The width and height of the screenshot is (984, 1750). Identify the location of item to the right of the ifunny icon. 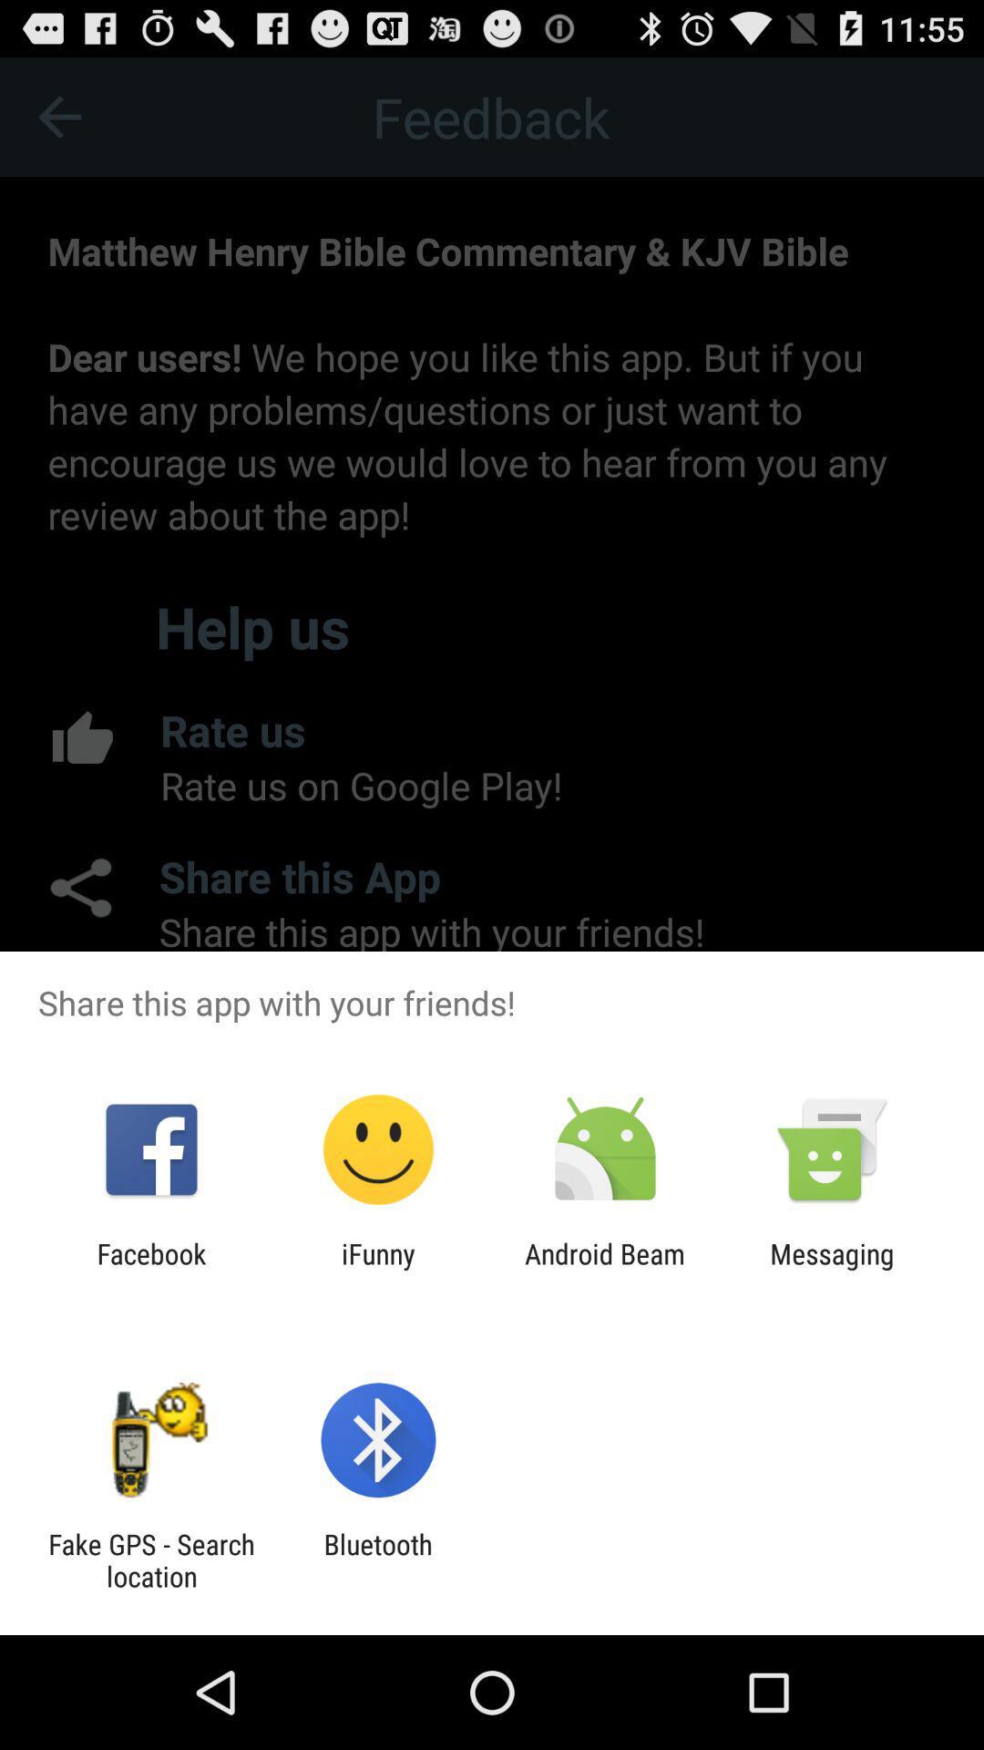
(605, 1269).